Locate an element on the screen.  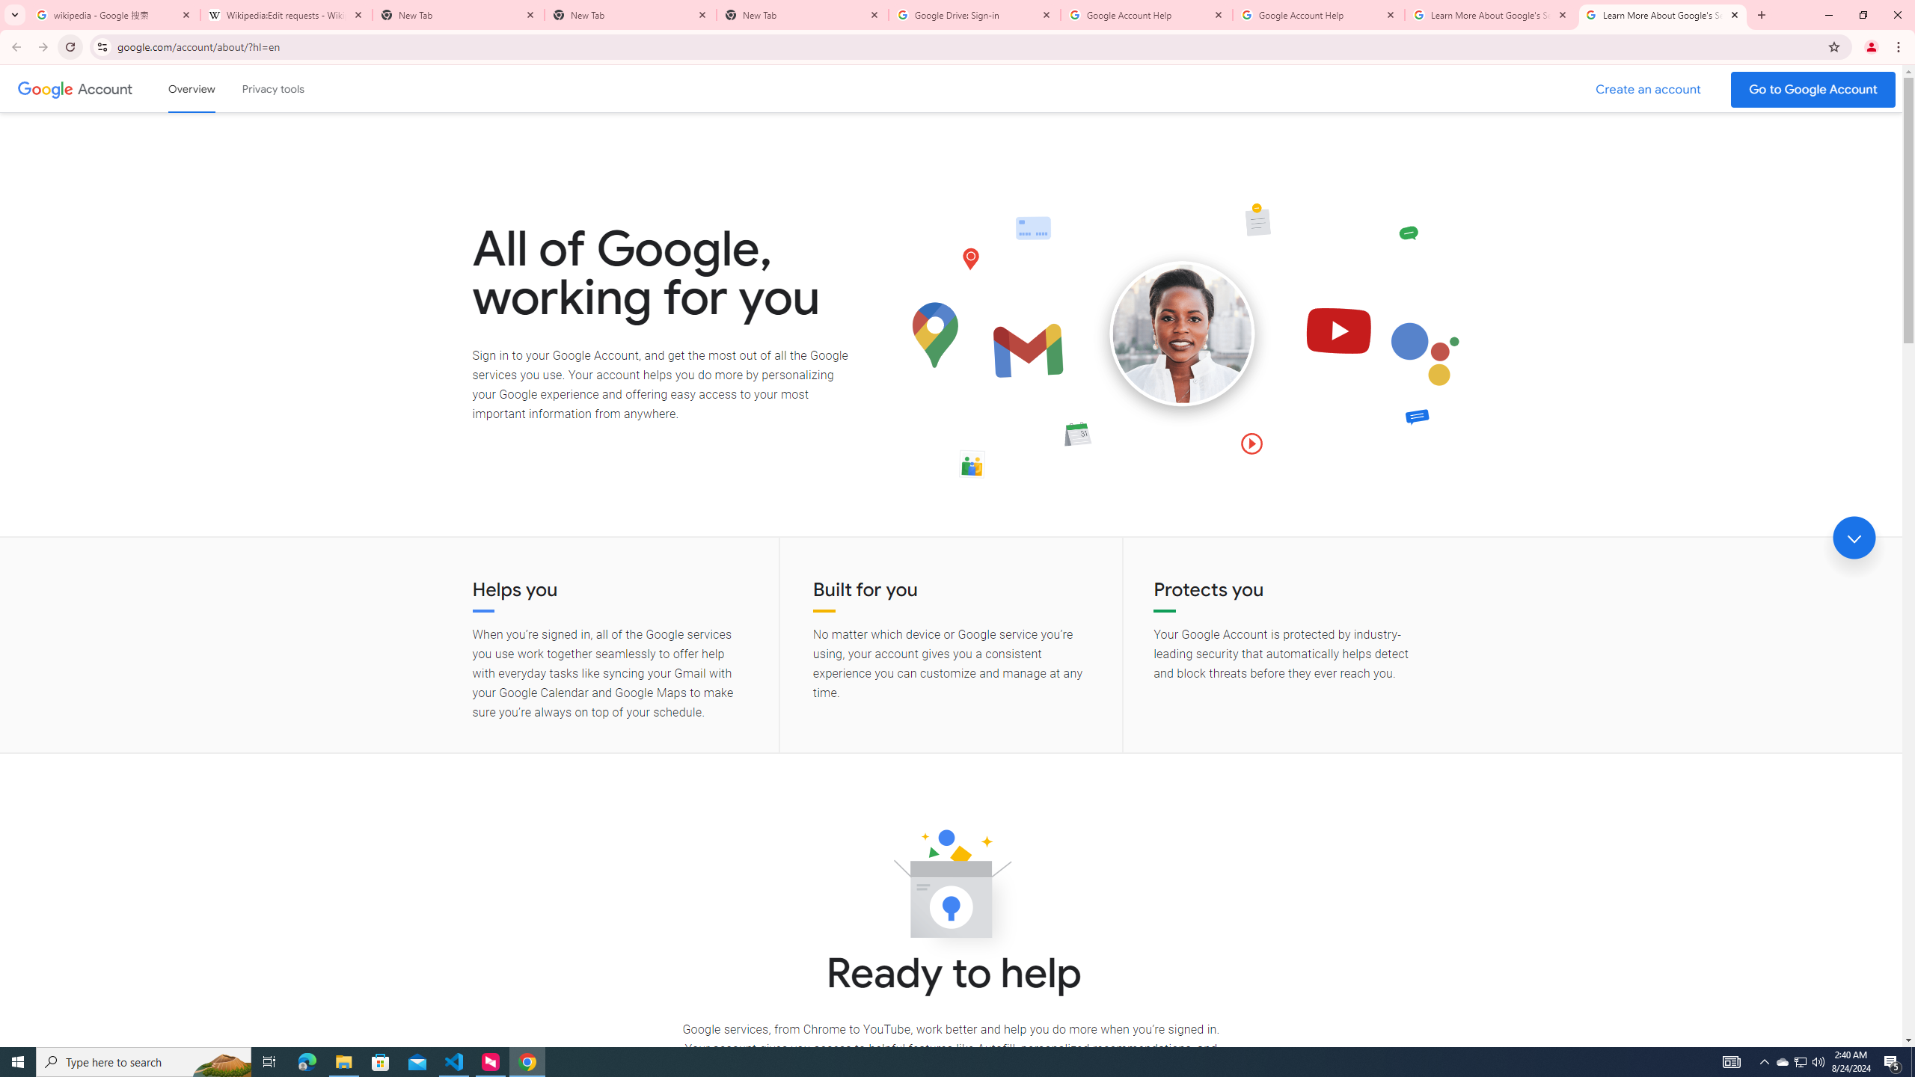
'Privacy tools' is located at coordinates (272, 88).